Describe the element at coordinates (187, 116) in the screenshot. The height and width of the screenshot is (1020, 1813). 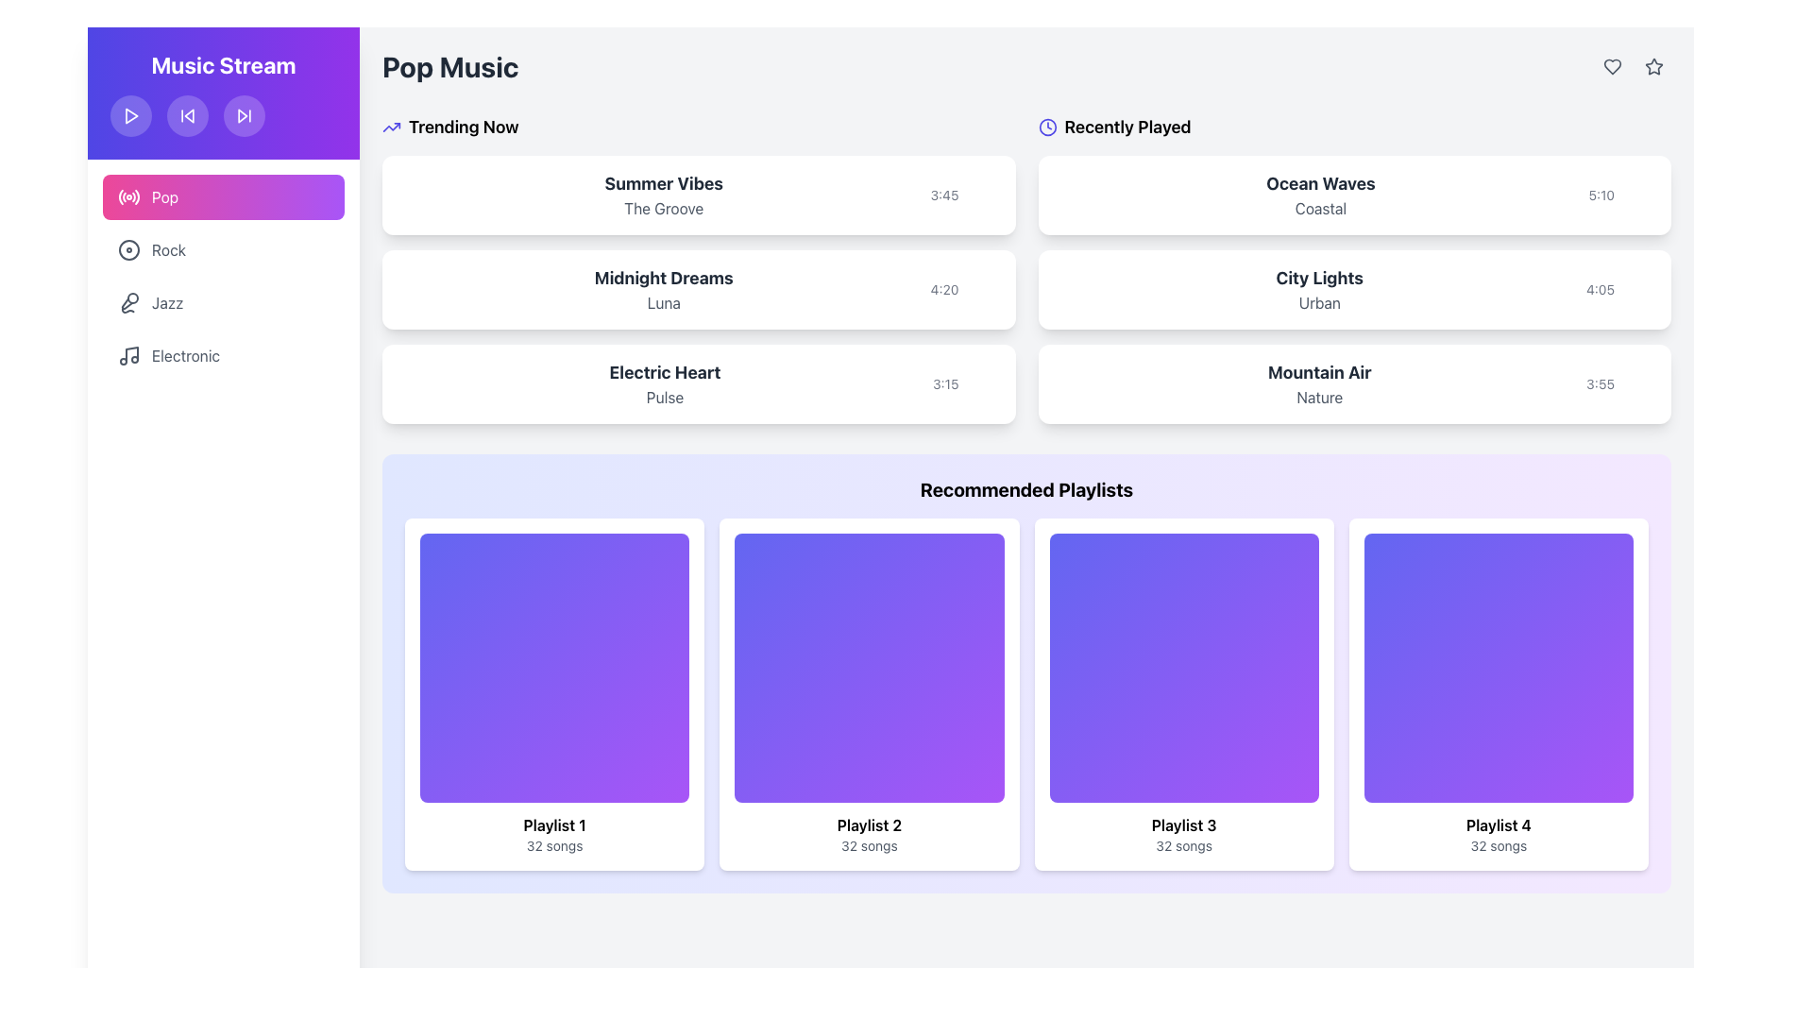
I see `the skip backward button, which is the middle button in a row of three control buttons located to the right of the 'Music Stream' sidebar, to observe the hover transition` at that location.